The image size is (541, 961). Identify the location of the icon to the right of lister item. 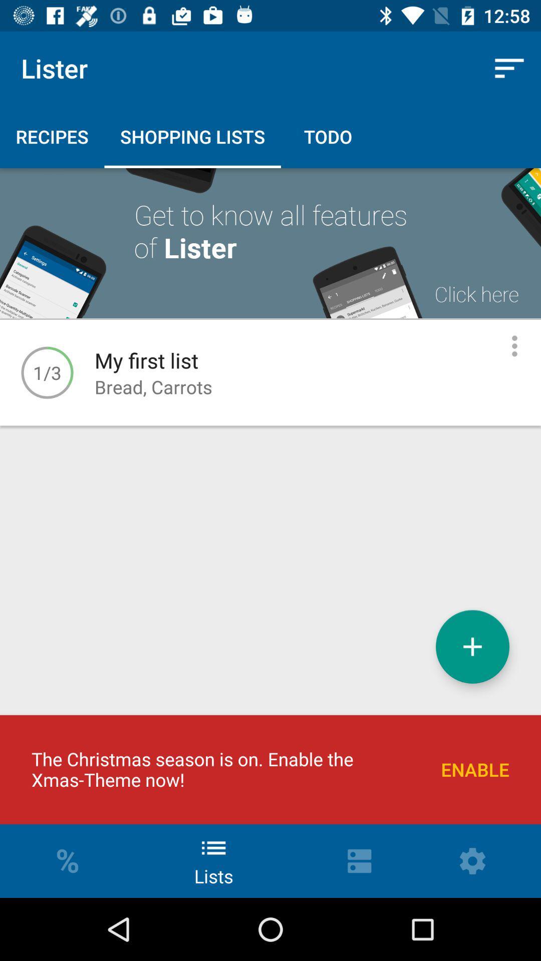
(509, 68).